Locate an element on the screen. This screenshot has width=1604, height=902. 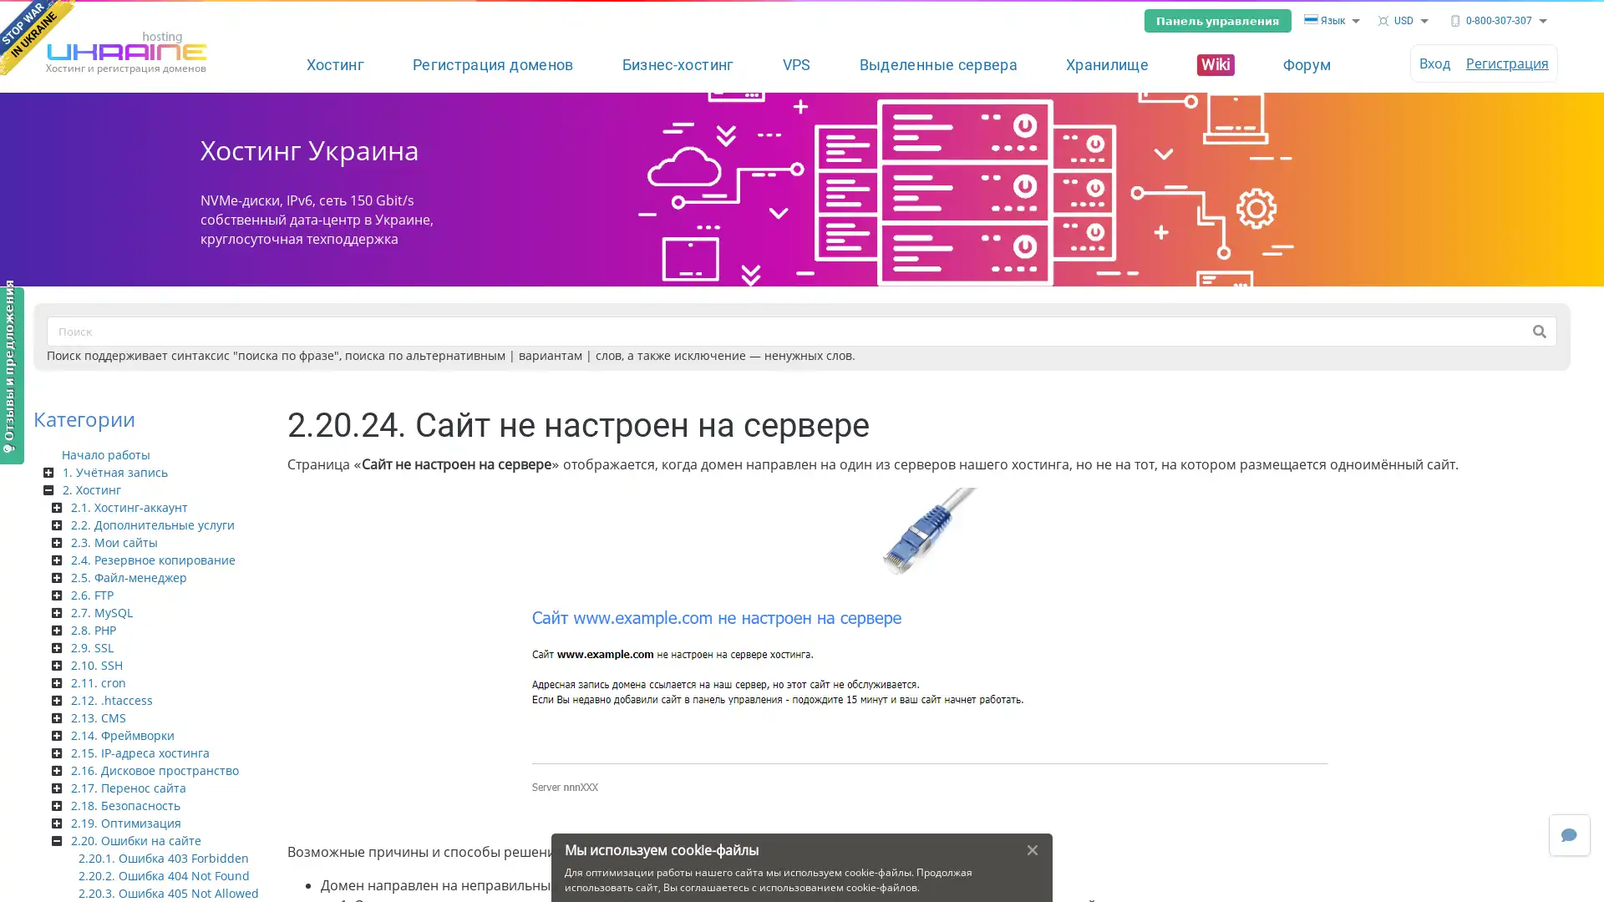
0-800-307-307 is located at coordinates (1498, 20).